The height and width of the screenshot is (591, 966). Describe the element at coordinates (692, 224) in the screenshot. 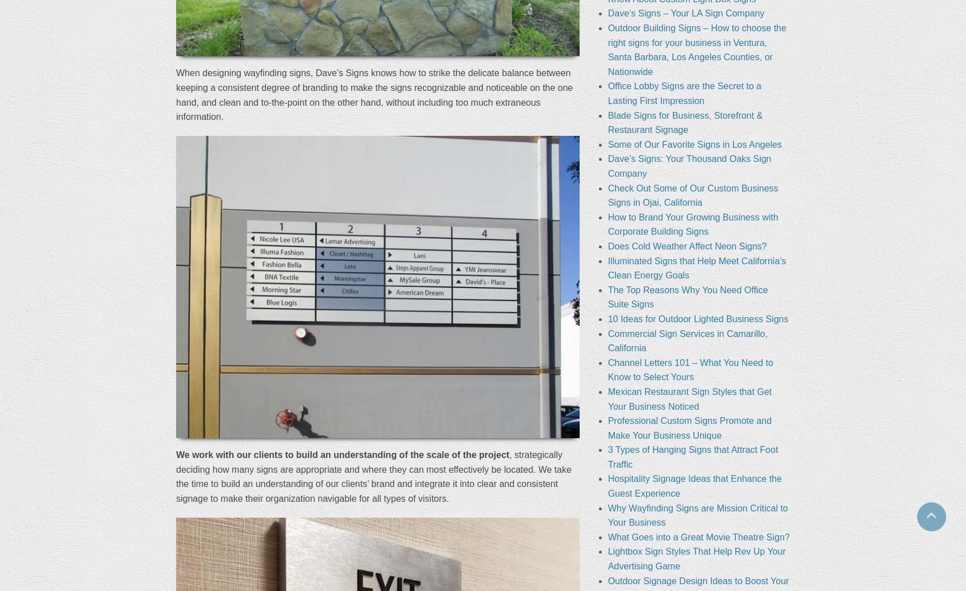

I see `'How to Brand Your Growing Business with Corporate Building Signs'` at that location.